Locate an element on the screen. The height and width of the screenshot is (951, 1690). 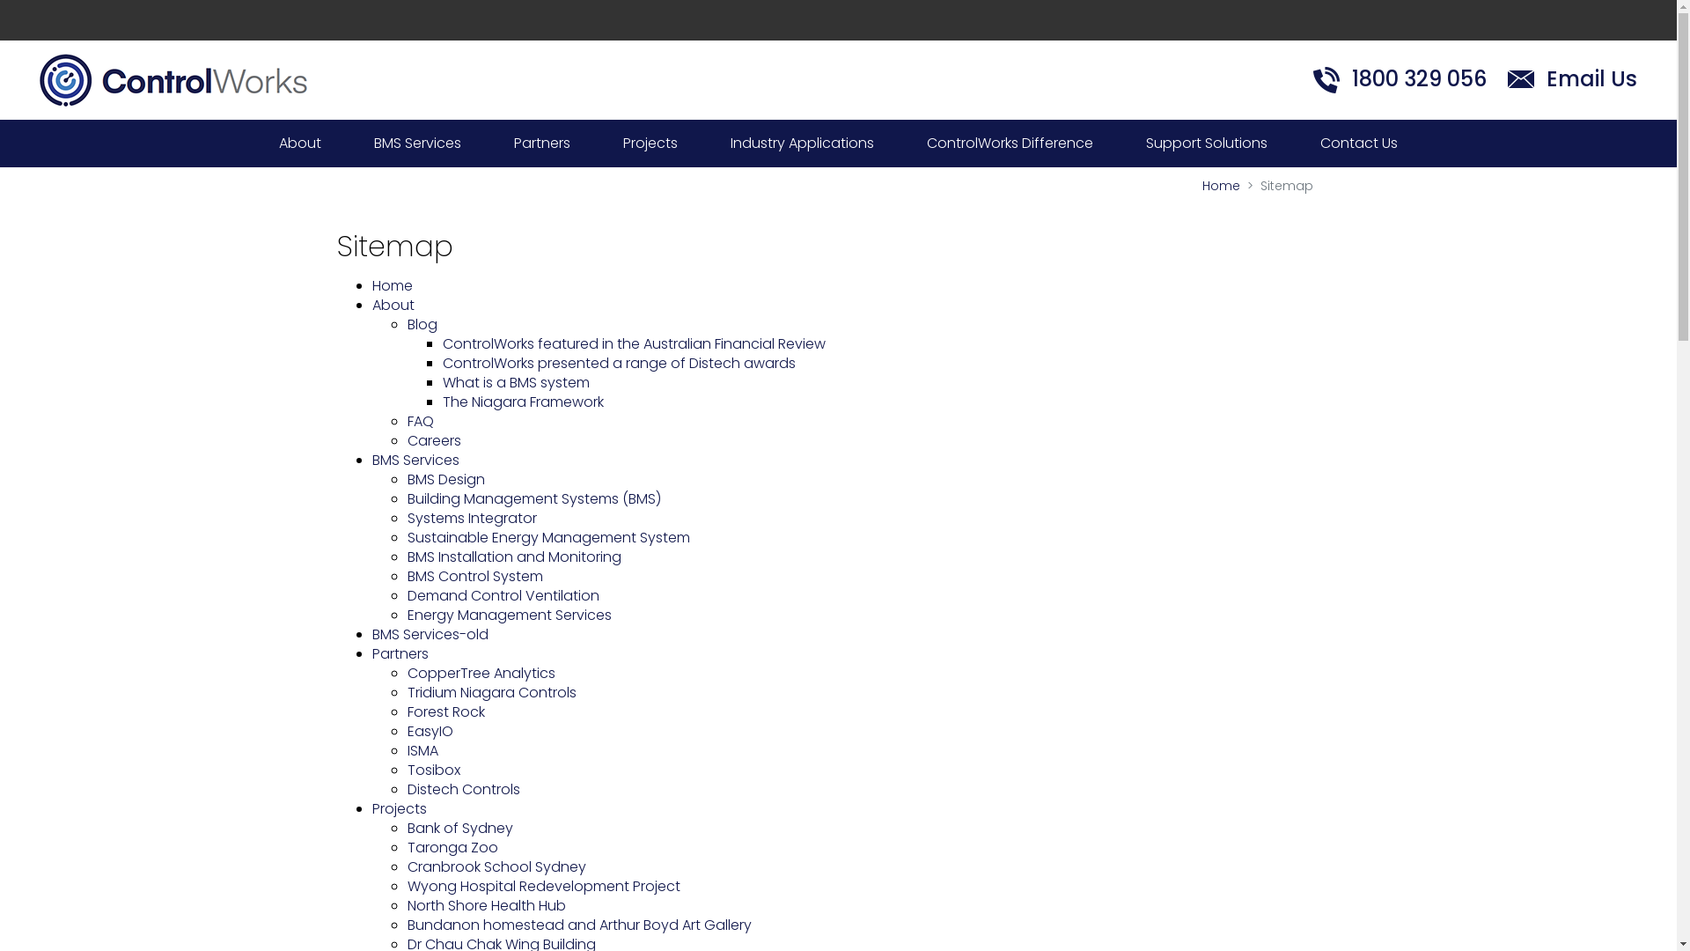
'Industry Applications' is located at coordinates (704, 142).